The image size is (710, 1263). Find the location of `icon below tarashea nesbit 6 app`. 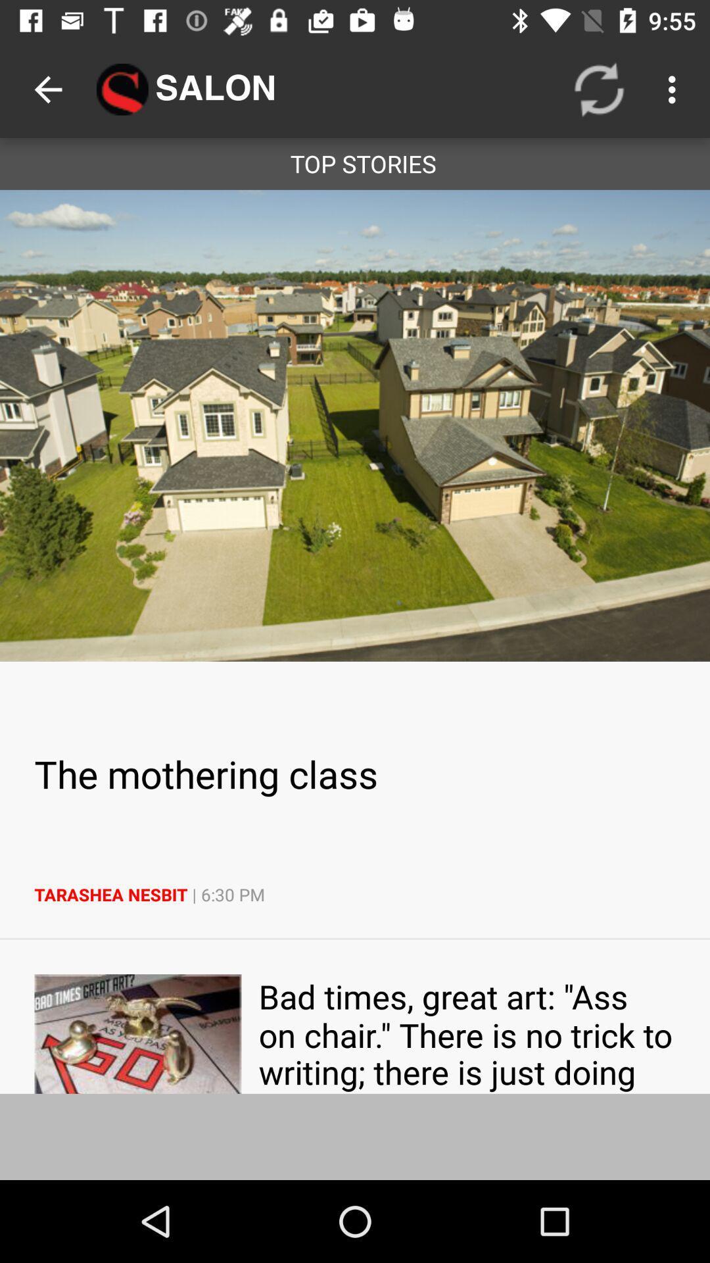

icon below tarashea nesbit 6 app is located at coordinates (466, 1033).